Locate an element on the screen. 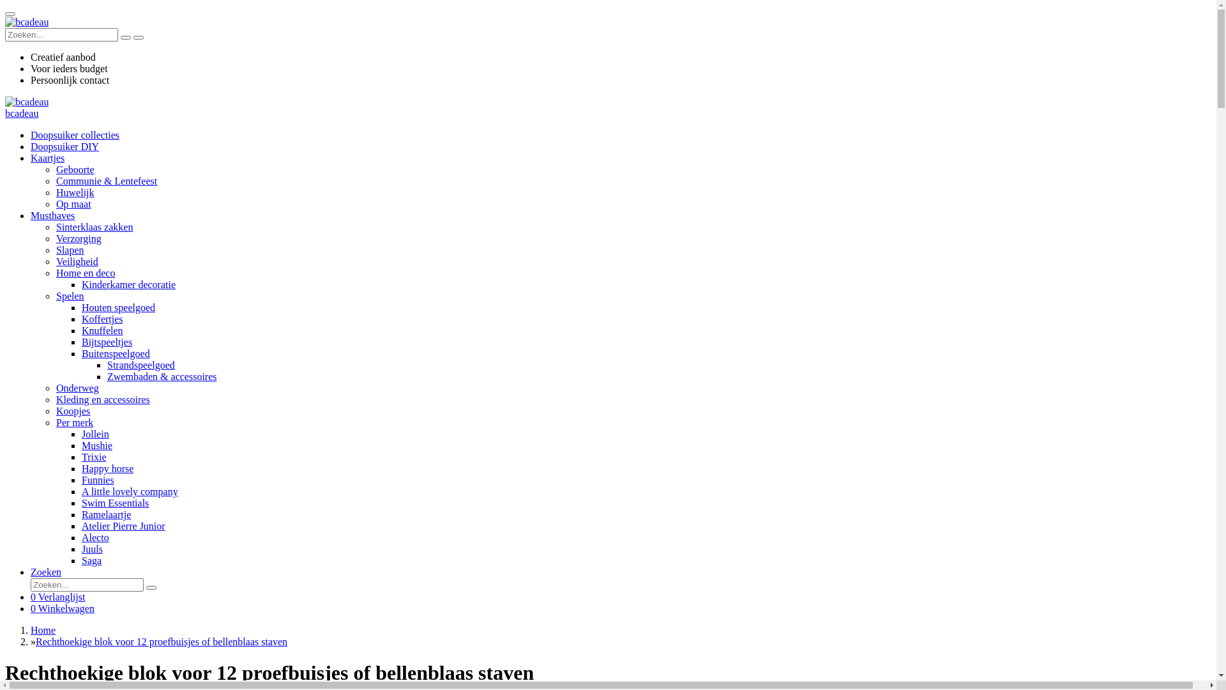 This screenshot has height=690, width=1226. 'Communie & Lentefeest' is located at coordinates (107, 181).